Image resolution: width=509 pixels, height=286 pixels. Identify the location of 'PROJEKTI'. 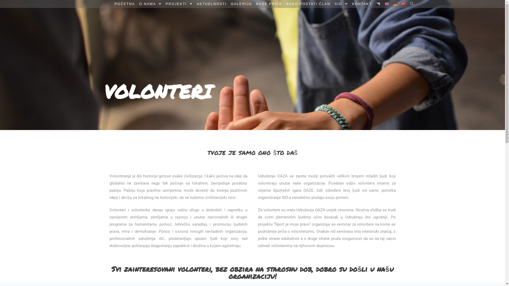
(163, 4).